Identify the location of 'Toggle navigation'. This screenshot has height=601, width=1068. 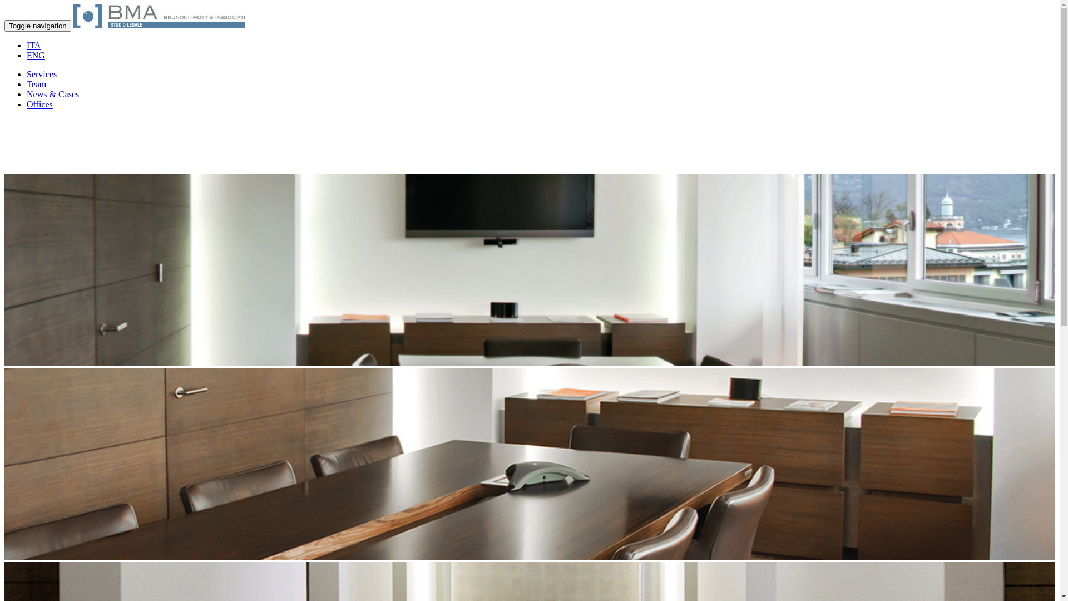
(37, 25).